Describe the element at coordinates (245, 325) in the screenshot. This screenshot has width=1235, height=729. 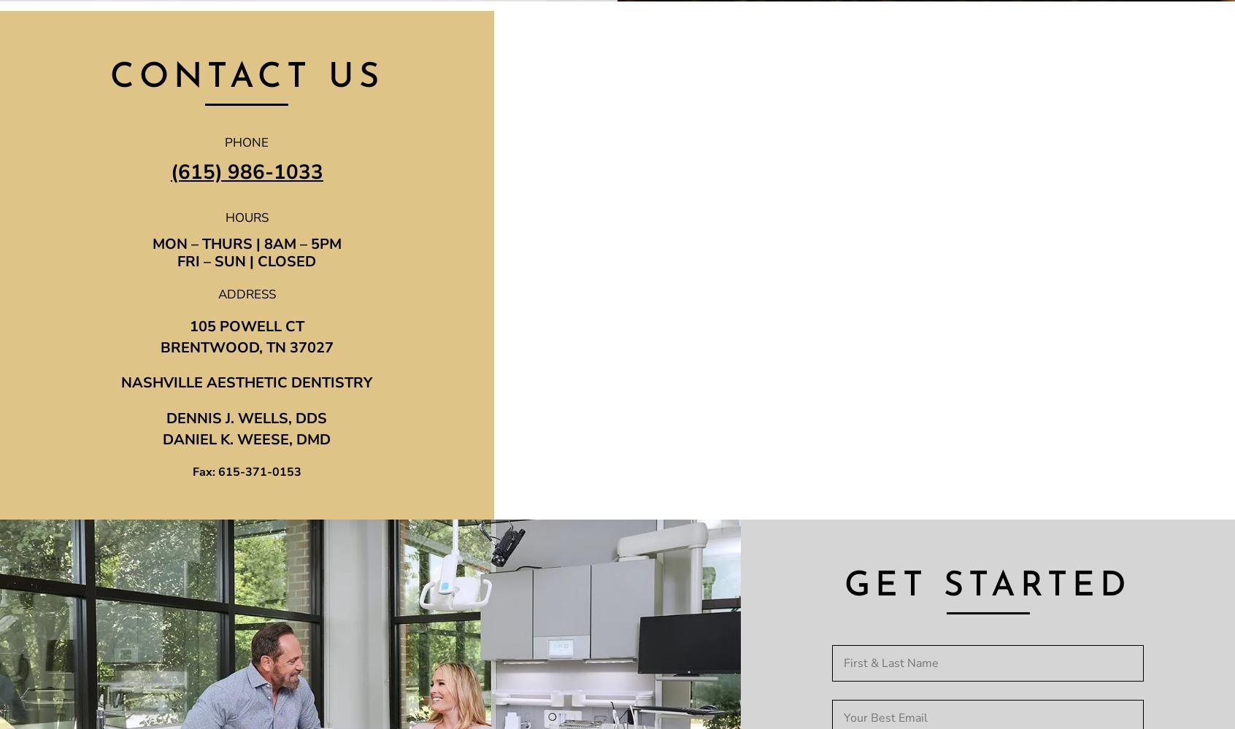
I see `'105 POWELL CT'` at that location.